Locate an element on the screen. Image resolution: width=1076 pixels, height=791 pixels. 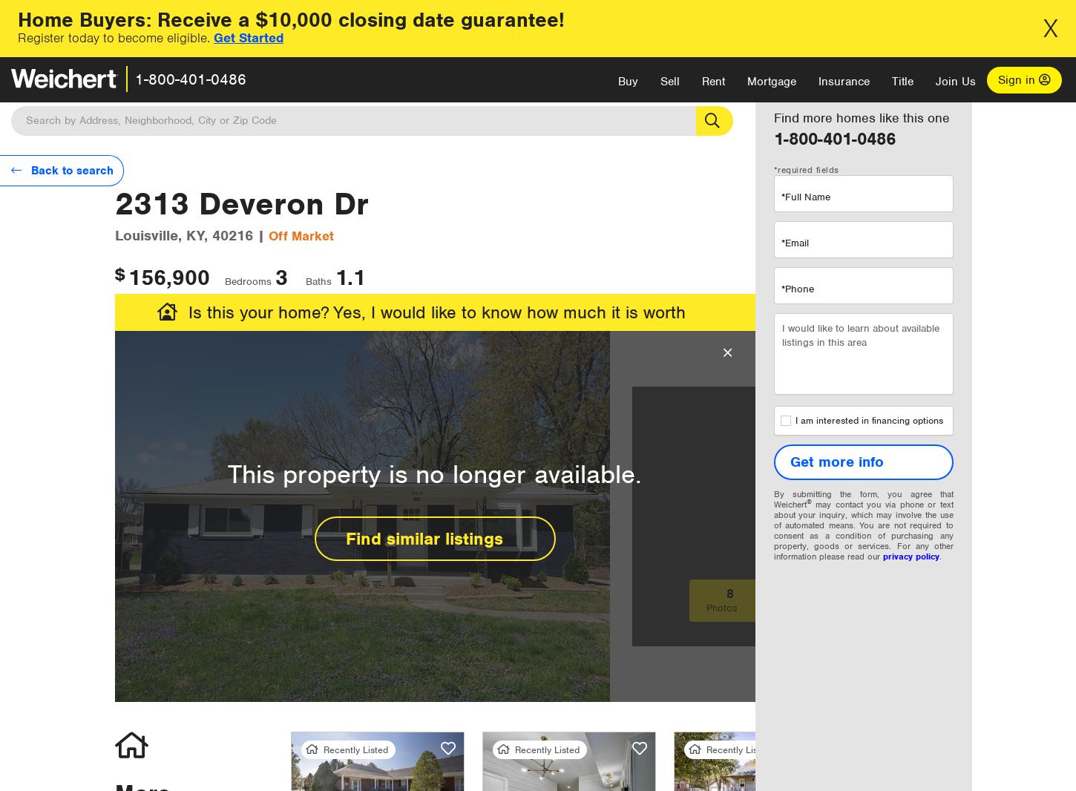
'$' is located at coordinates (119, 275).